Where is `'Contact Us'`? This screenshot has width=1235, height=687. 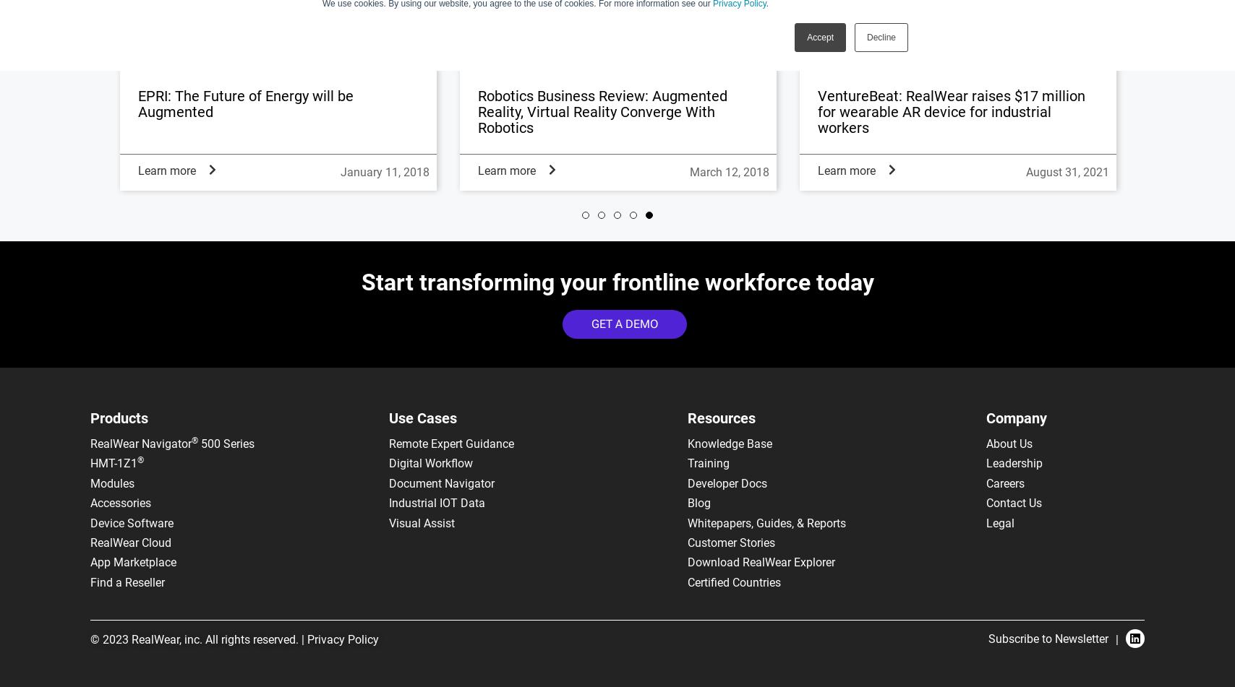 'Contact Us' is located at coordinates (1014, 502).